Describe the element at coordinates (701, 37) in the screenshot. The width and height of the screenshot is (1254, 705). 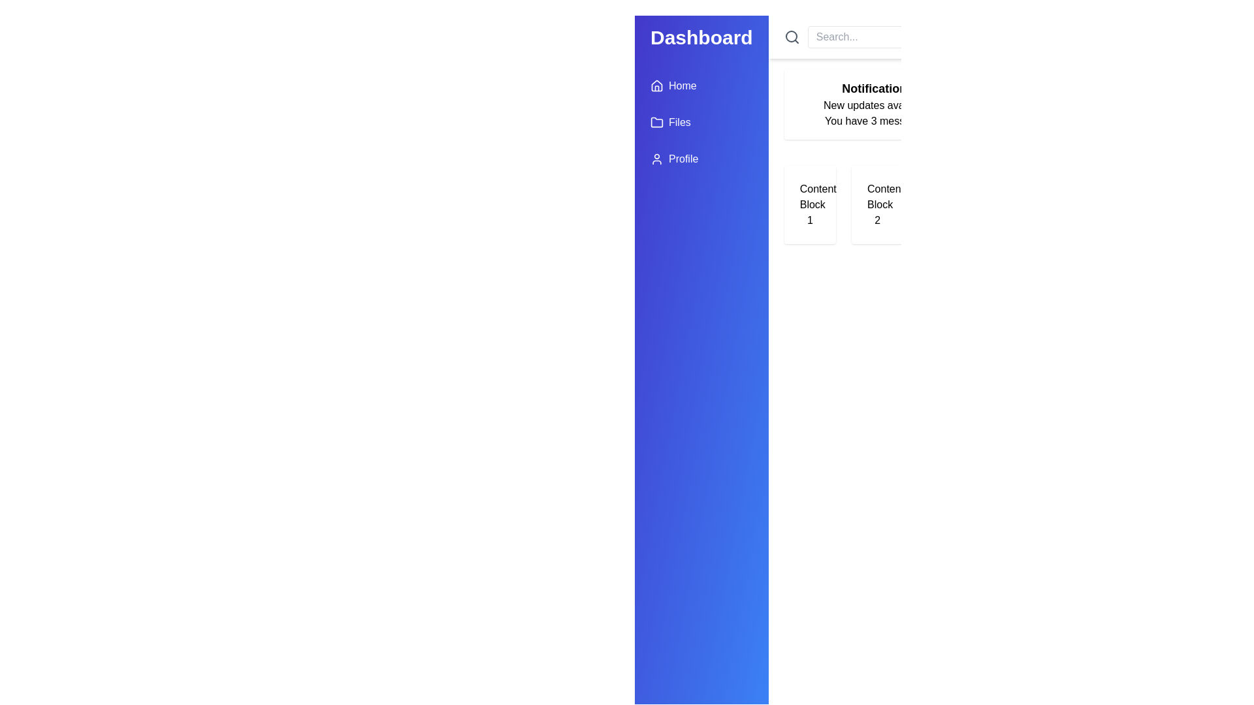
I see `the 'Dashboard' text label located at the top of the vertical navigation bar, which displays bold white text against a gradient background` at that location.